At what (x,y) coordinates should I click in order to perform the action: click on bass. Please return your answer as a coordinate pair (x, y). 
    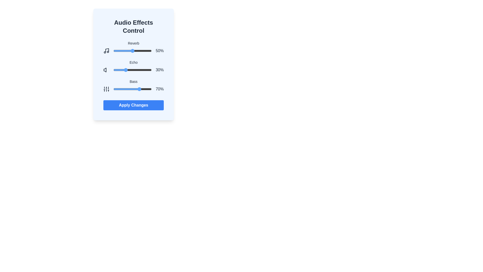
    Looking at the image, I should click on (113, 89).